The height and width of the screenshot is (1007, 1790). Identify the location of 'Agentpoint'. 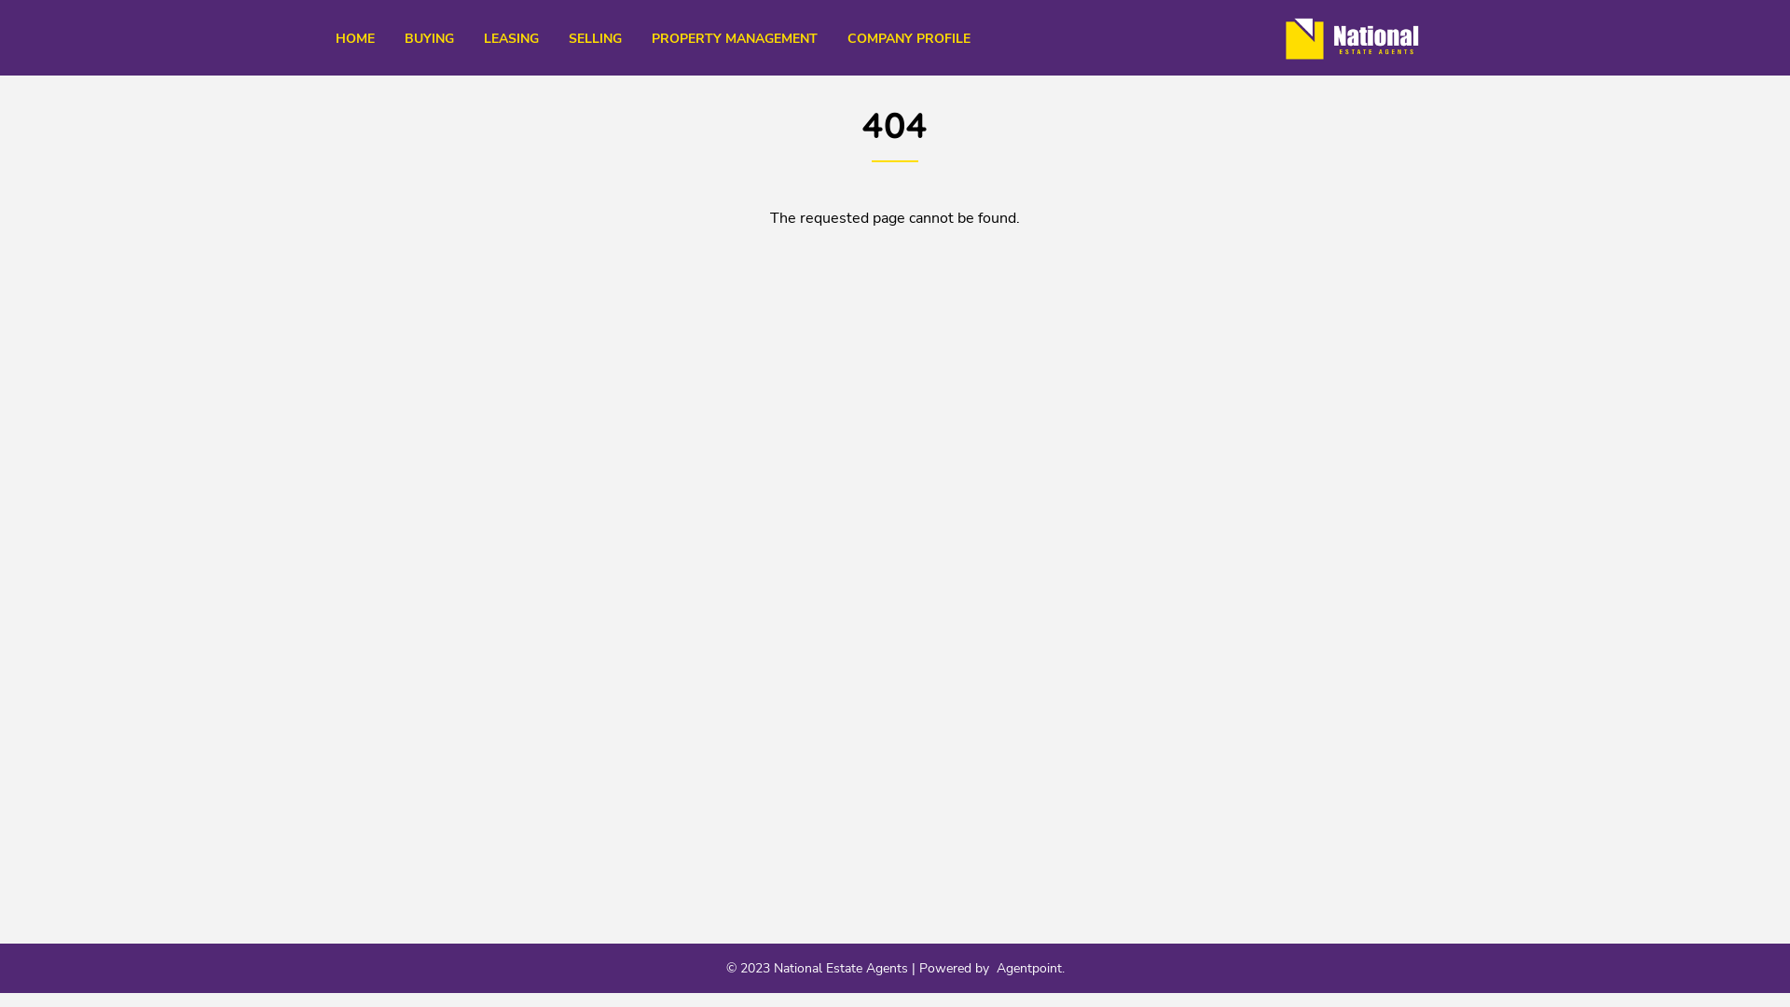
(1027, 967).